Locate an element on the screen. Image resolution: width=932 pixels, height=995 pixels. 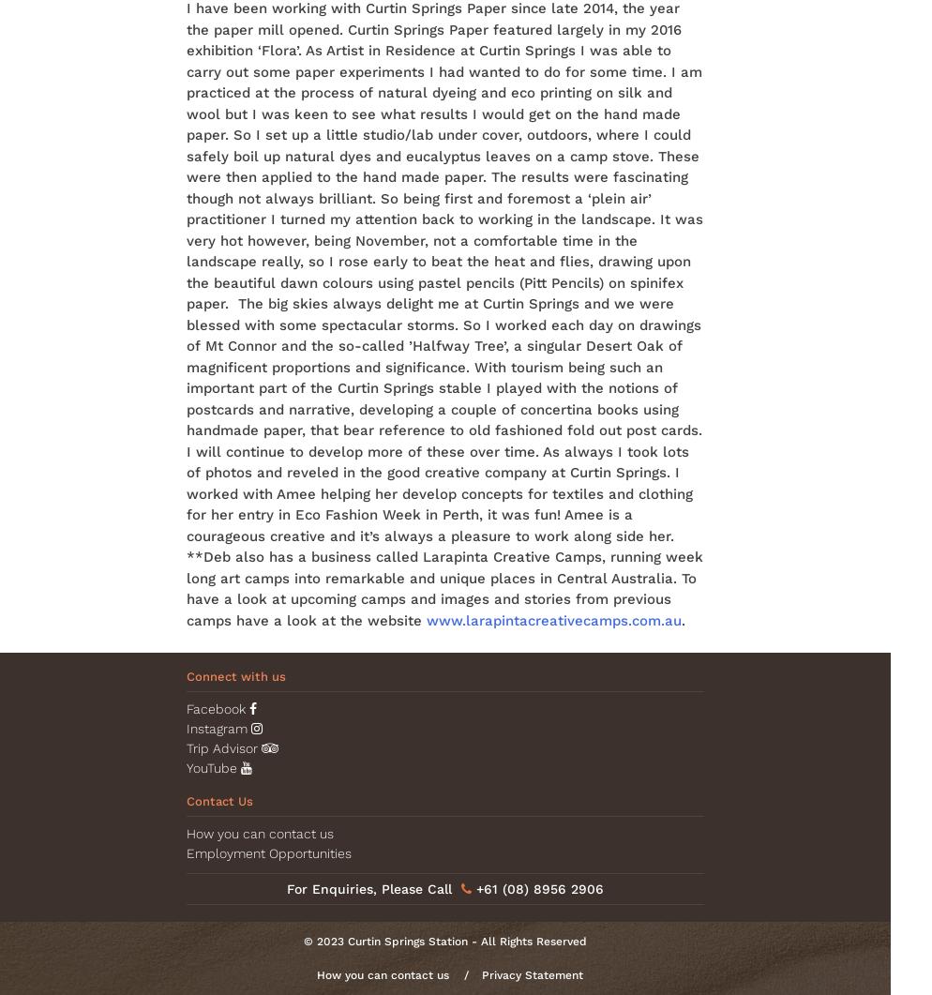
'(08) 8956 2906' is located at coordinates (553, 888).